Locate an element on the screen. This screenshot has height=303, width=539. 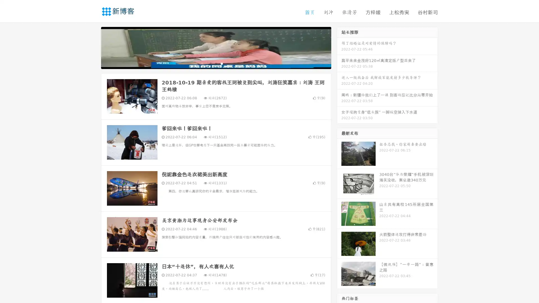
Next slide is located at coordinates (339, 47).